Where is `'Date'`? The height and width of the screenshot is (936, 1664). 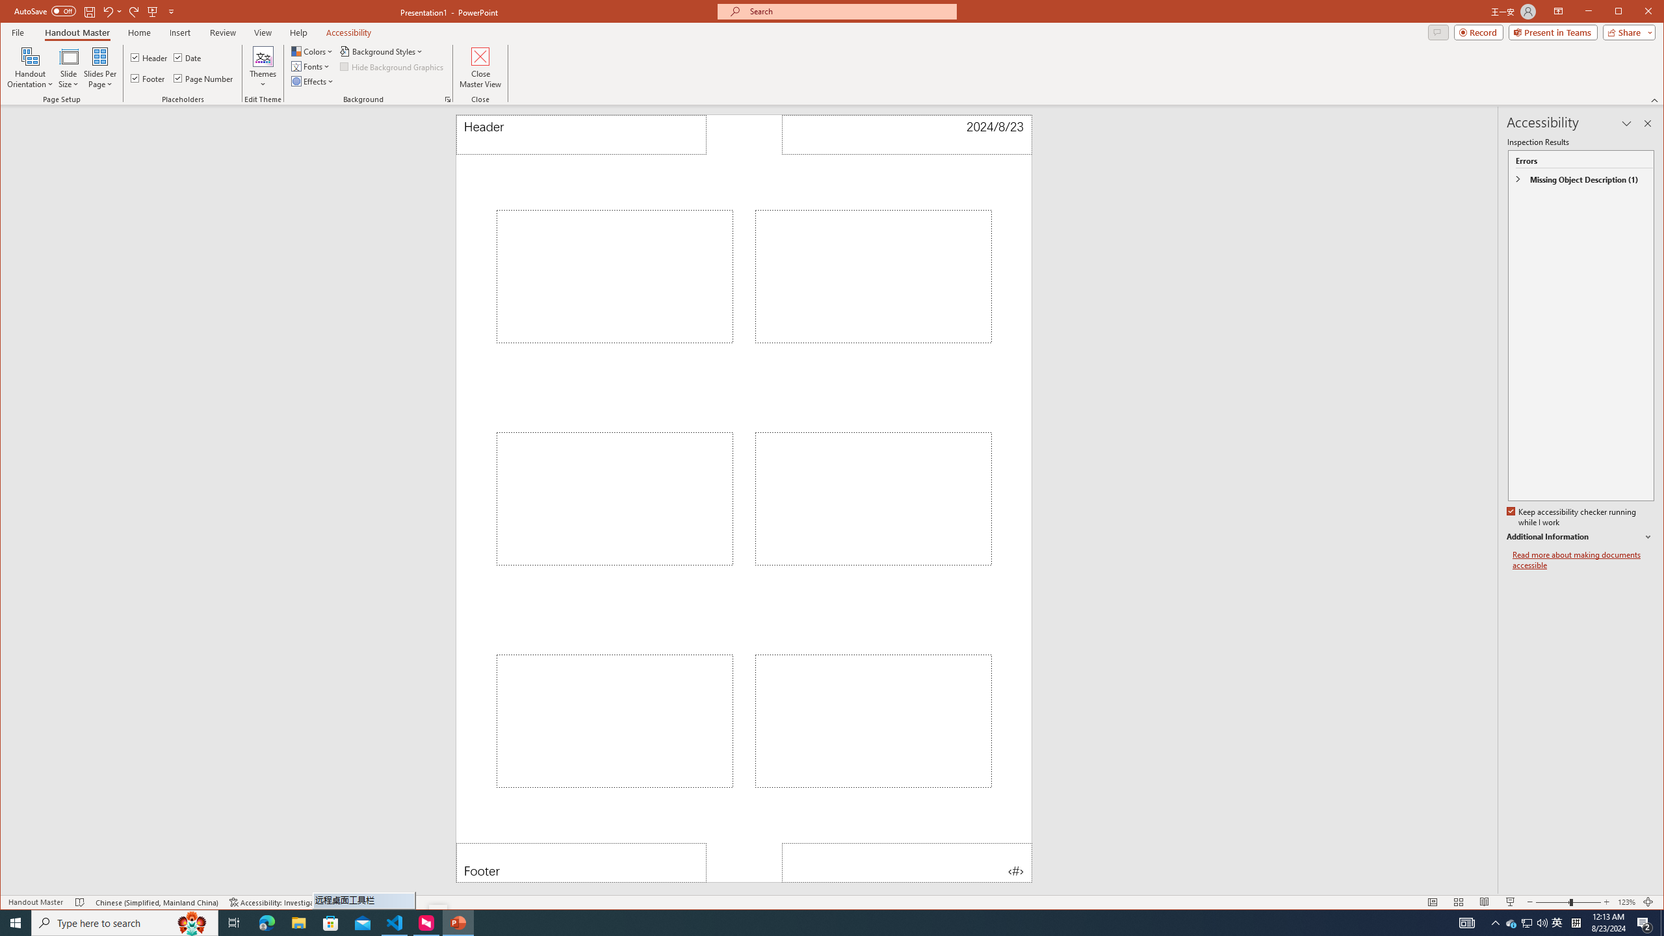
'Date' is located at coordinates (188, 57).